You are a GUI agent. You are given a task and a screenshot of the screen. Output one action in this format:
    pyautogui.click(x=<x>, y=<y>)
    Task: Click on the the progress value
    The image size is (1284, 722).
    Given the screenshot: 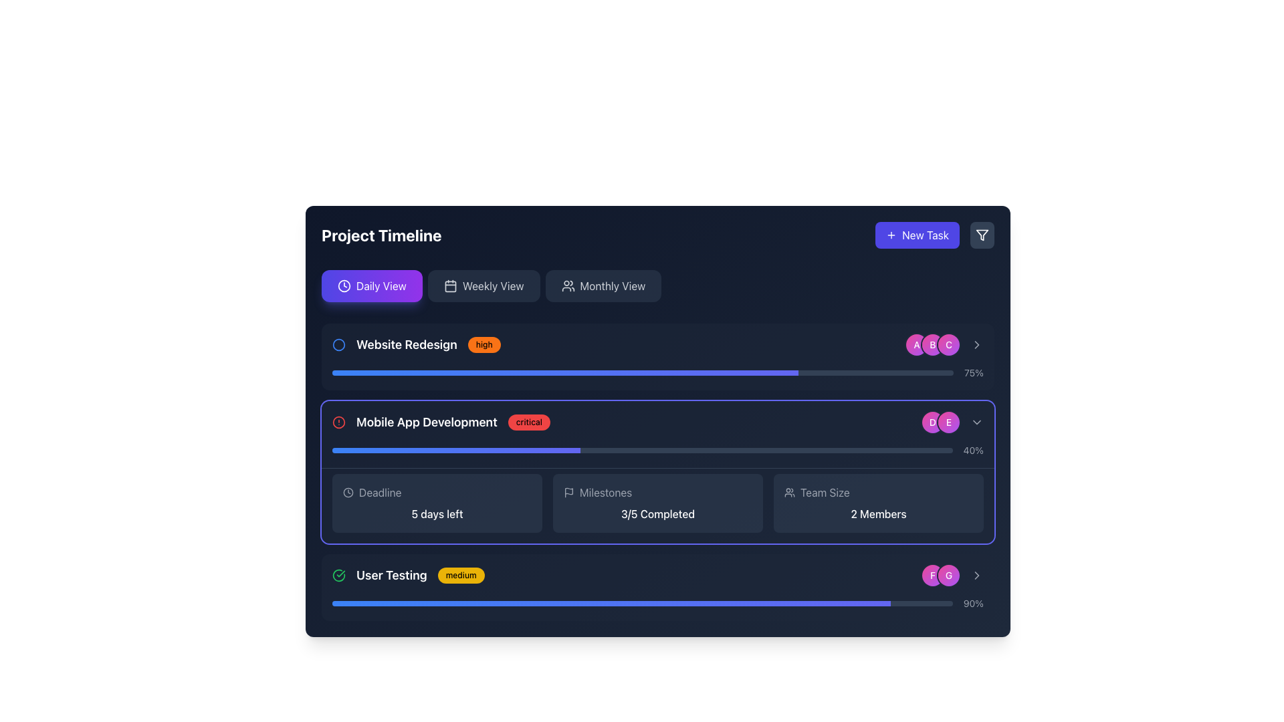 What is the action you would take?
    pyautogui.click(x=689, y=603)
    